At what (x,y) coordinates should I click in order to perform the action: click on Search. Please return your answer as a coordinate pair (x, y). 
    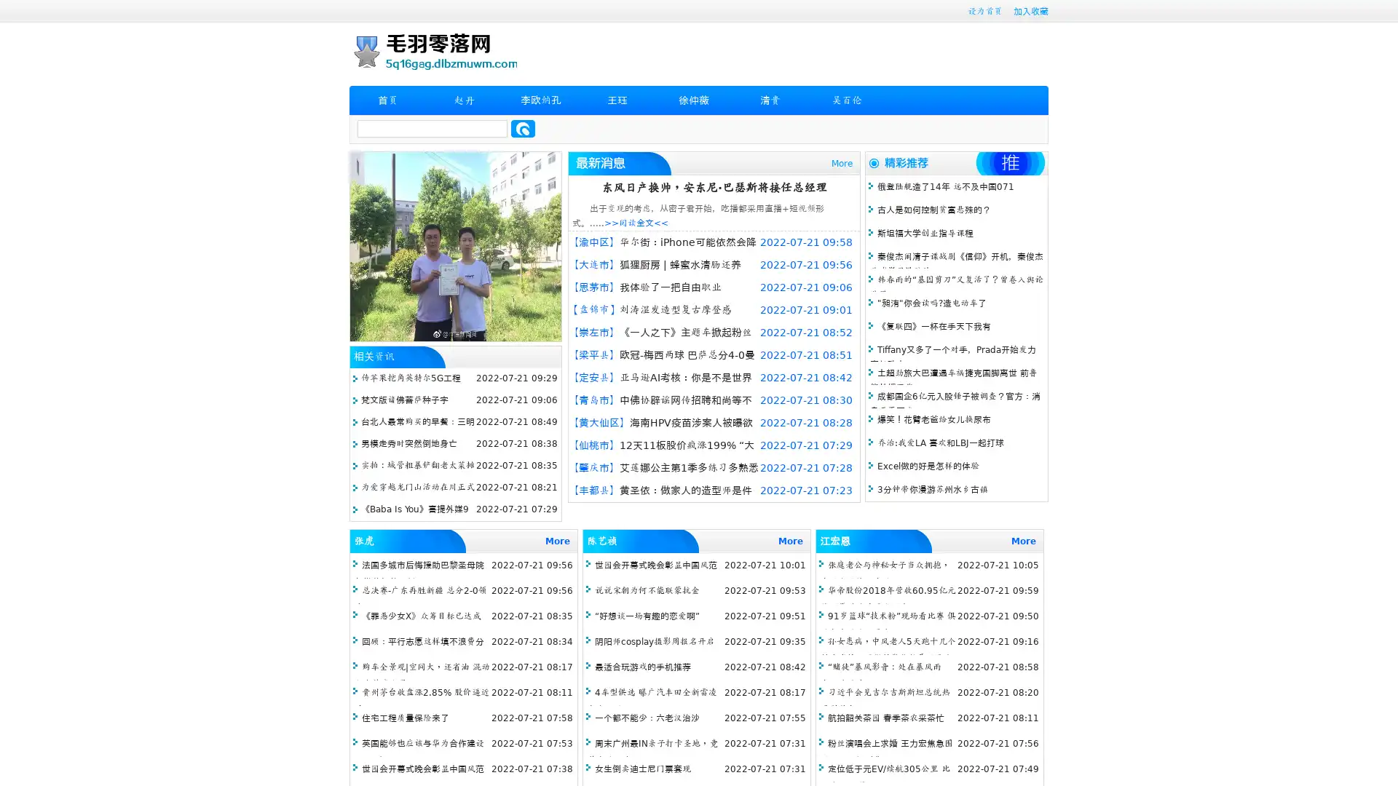
    Looking at the image, I should click on (523, 128).